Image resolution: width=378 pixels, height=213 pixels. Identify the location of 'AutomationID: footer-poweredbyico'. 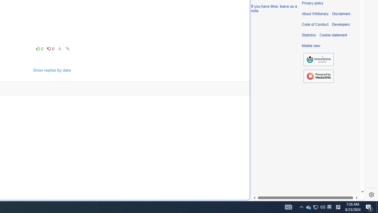
(318, 76).